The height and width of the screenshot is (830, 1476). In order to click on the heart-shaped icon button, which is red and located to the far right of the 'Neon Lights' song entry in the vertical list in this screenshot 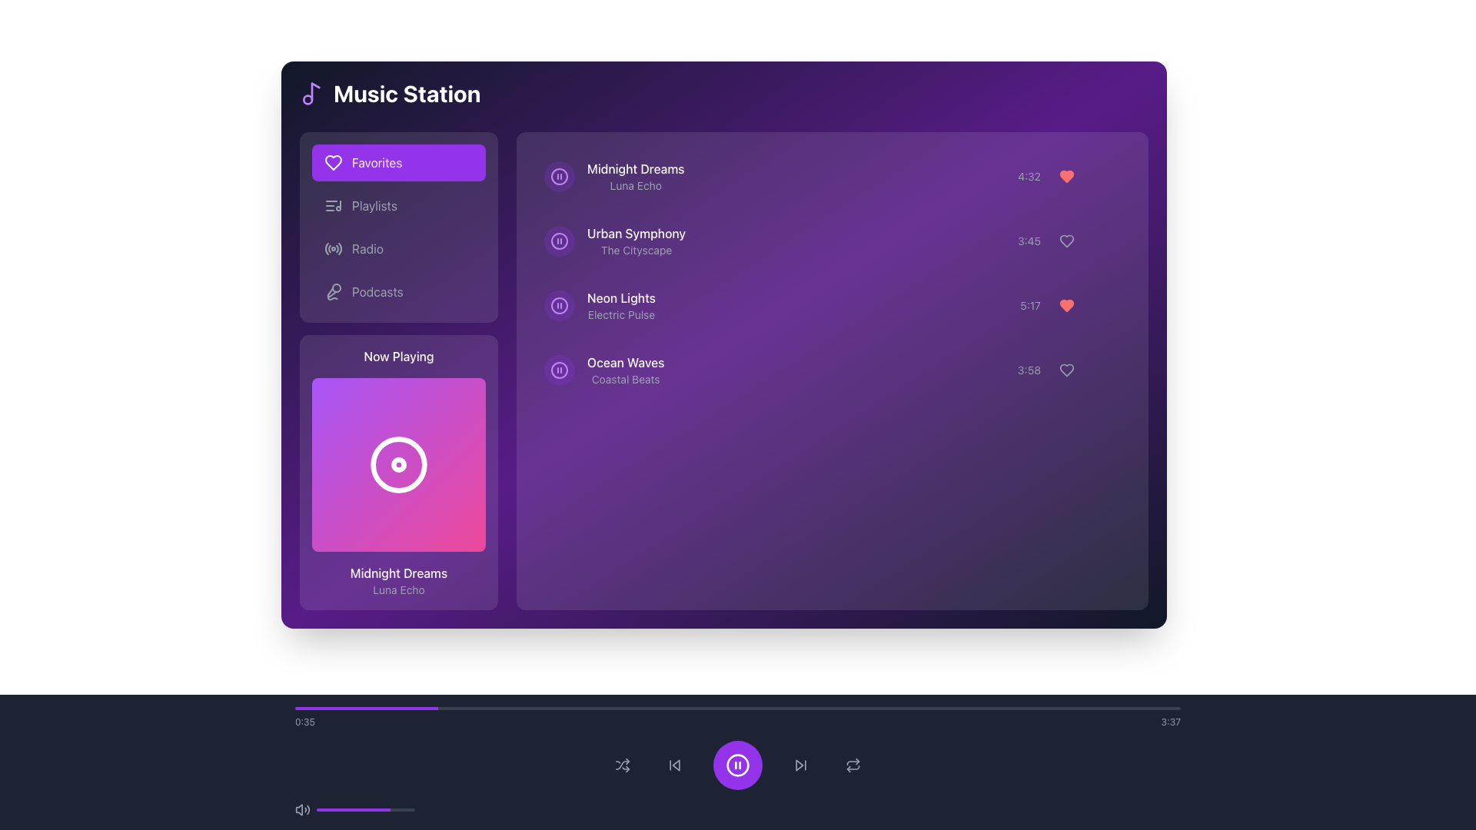, I will do `click(1065, 305)`.